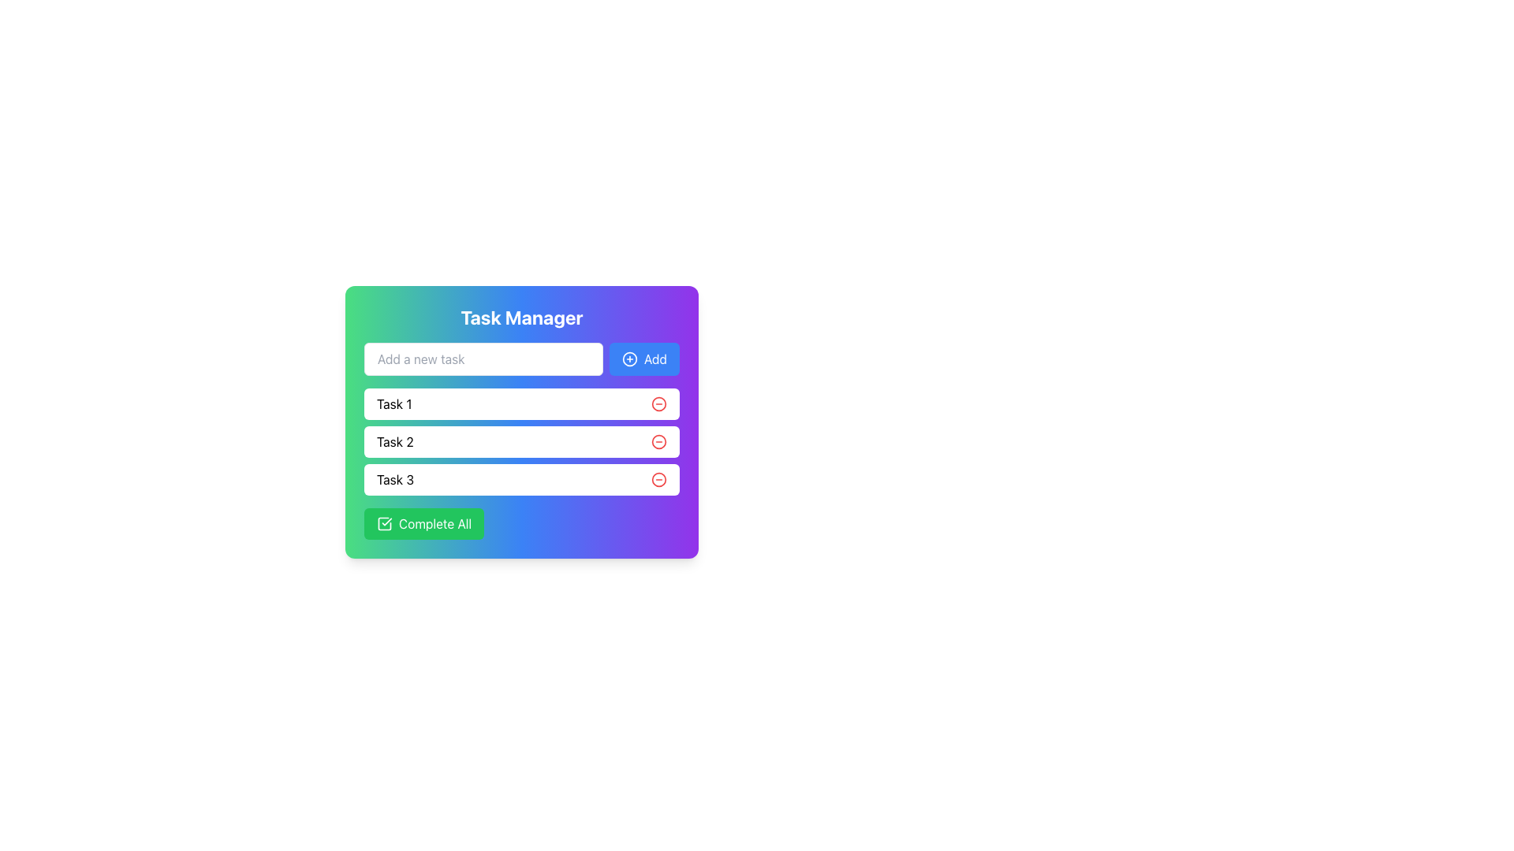  Describe the element at coordinates (628, 359) in the screenshot. I see `the 'Add' button icon which signifies adding a new item, located at the top-right corner of the application interface` at that location.